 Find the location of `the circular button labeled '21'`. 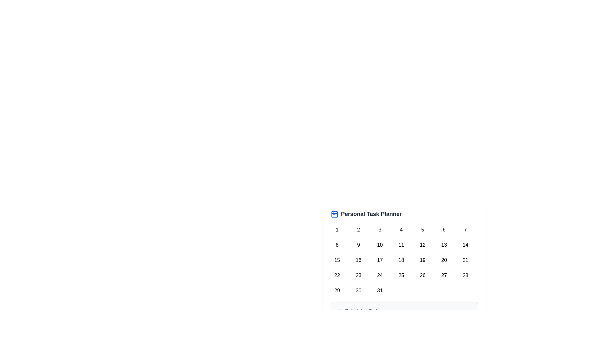

the circular button labeled '21' is located at coordinates (465, 260).